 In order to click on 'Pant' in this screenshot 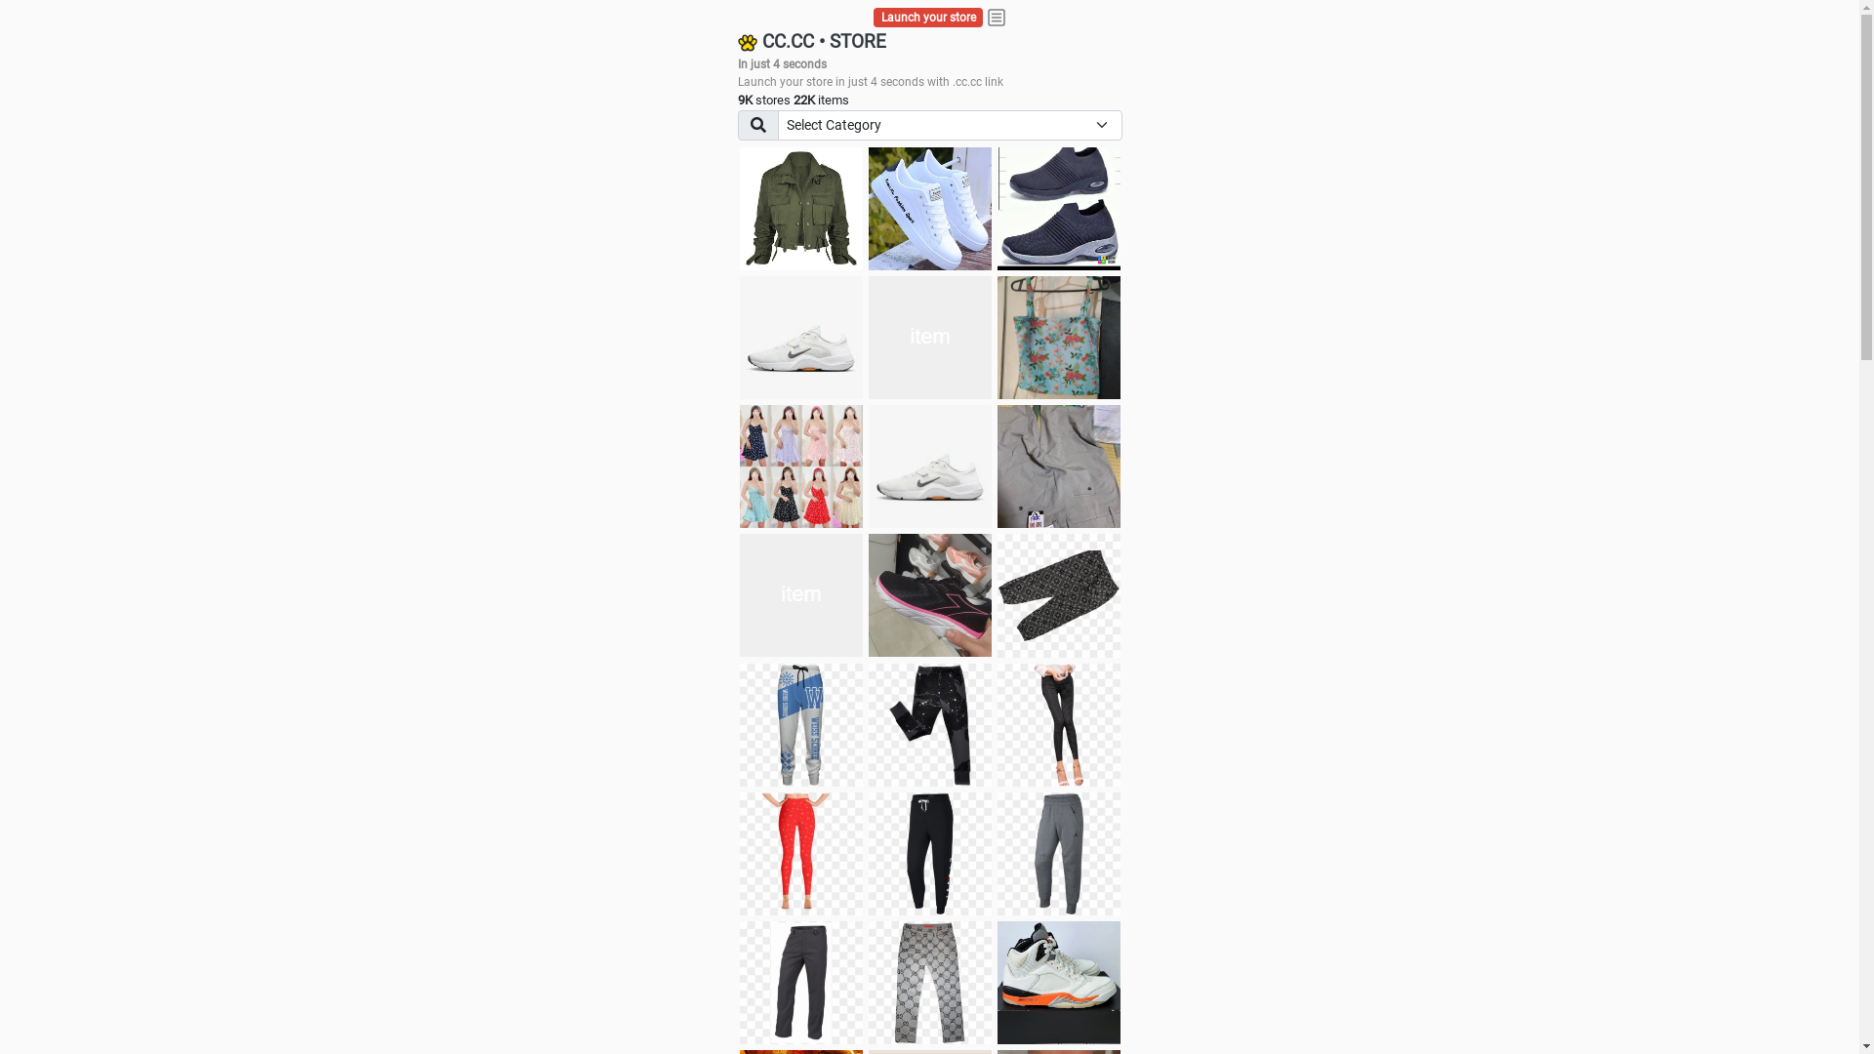, I will do `click(929, 725)`.